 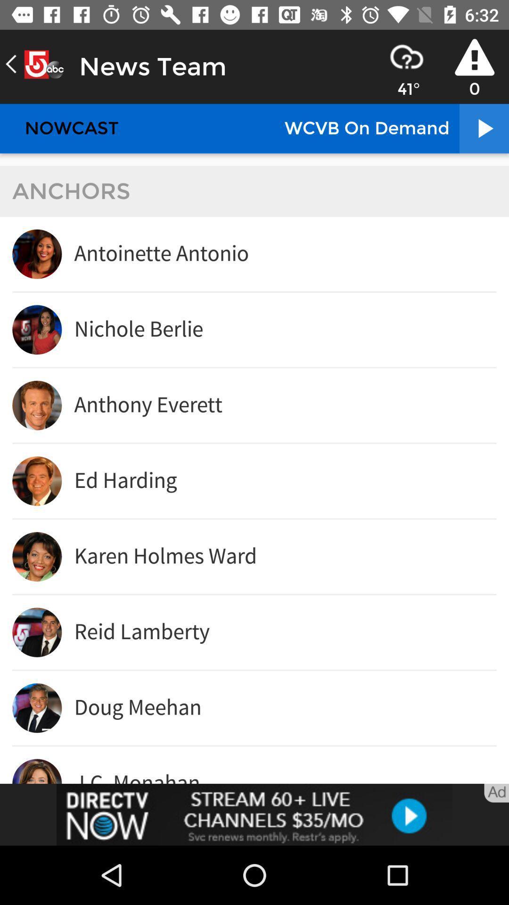 What do you see at coordinates (254, 814) in the screenshot?
I see `advertisement` at bounding box center [254, 814].